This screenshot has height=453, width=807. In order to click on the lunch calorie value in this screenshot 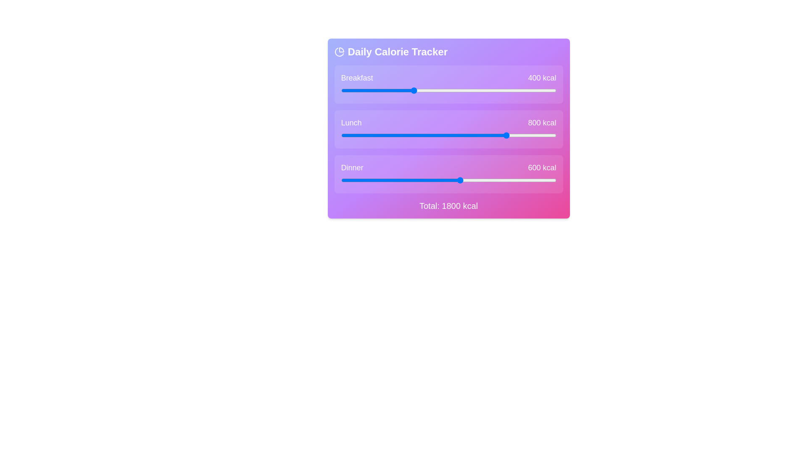, I will do `click(348, 135)`.